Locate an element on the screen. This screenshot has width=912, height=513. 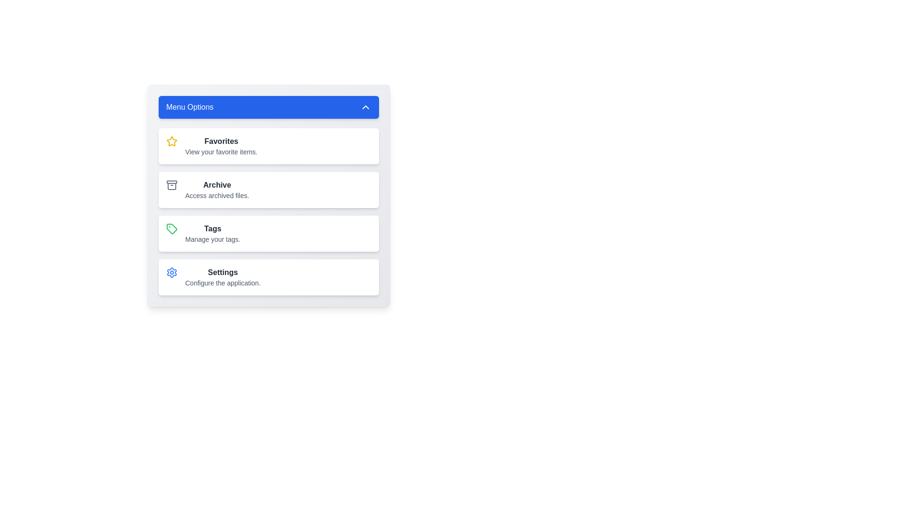
the gear icon representing the settings functionality located to the left of the 'Settings' label in the bottommost row of the menu list is located at coordinates (171, 273).